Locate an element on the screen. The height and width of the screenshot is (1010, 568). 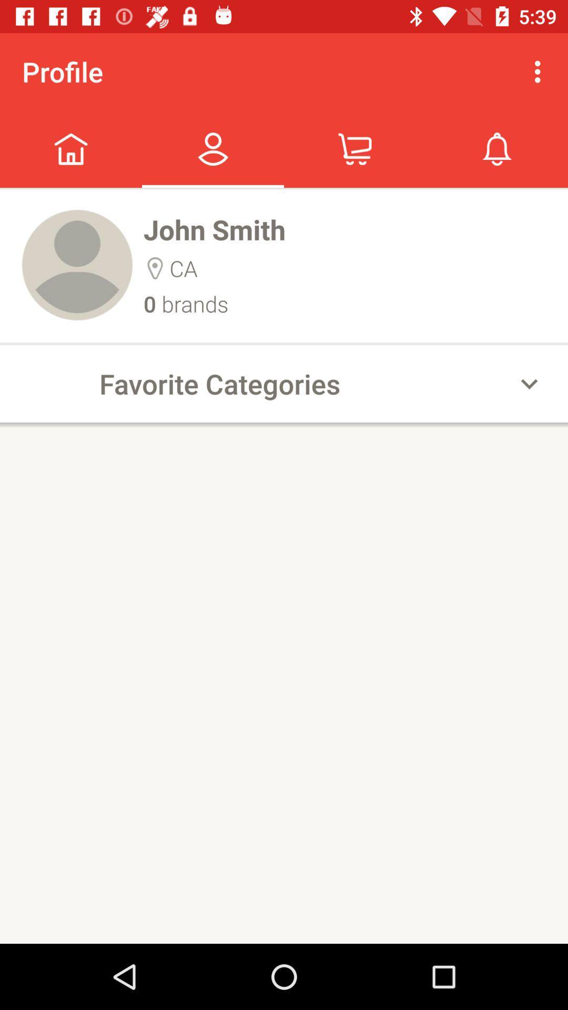
item to the right of the profile icon is located at coordinates (540, 71).